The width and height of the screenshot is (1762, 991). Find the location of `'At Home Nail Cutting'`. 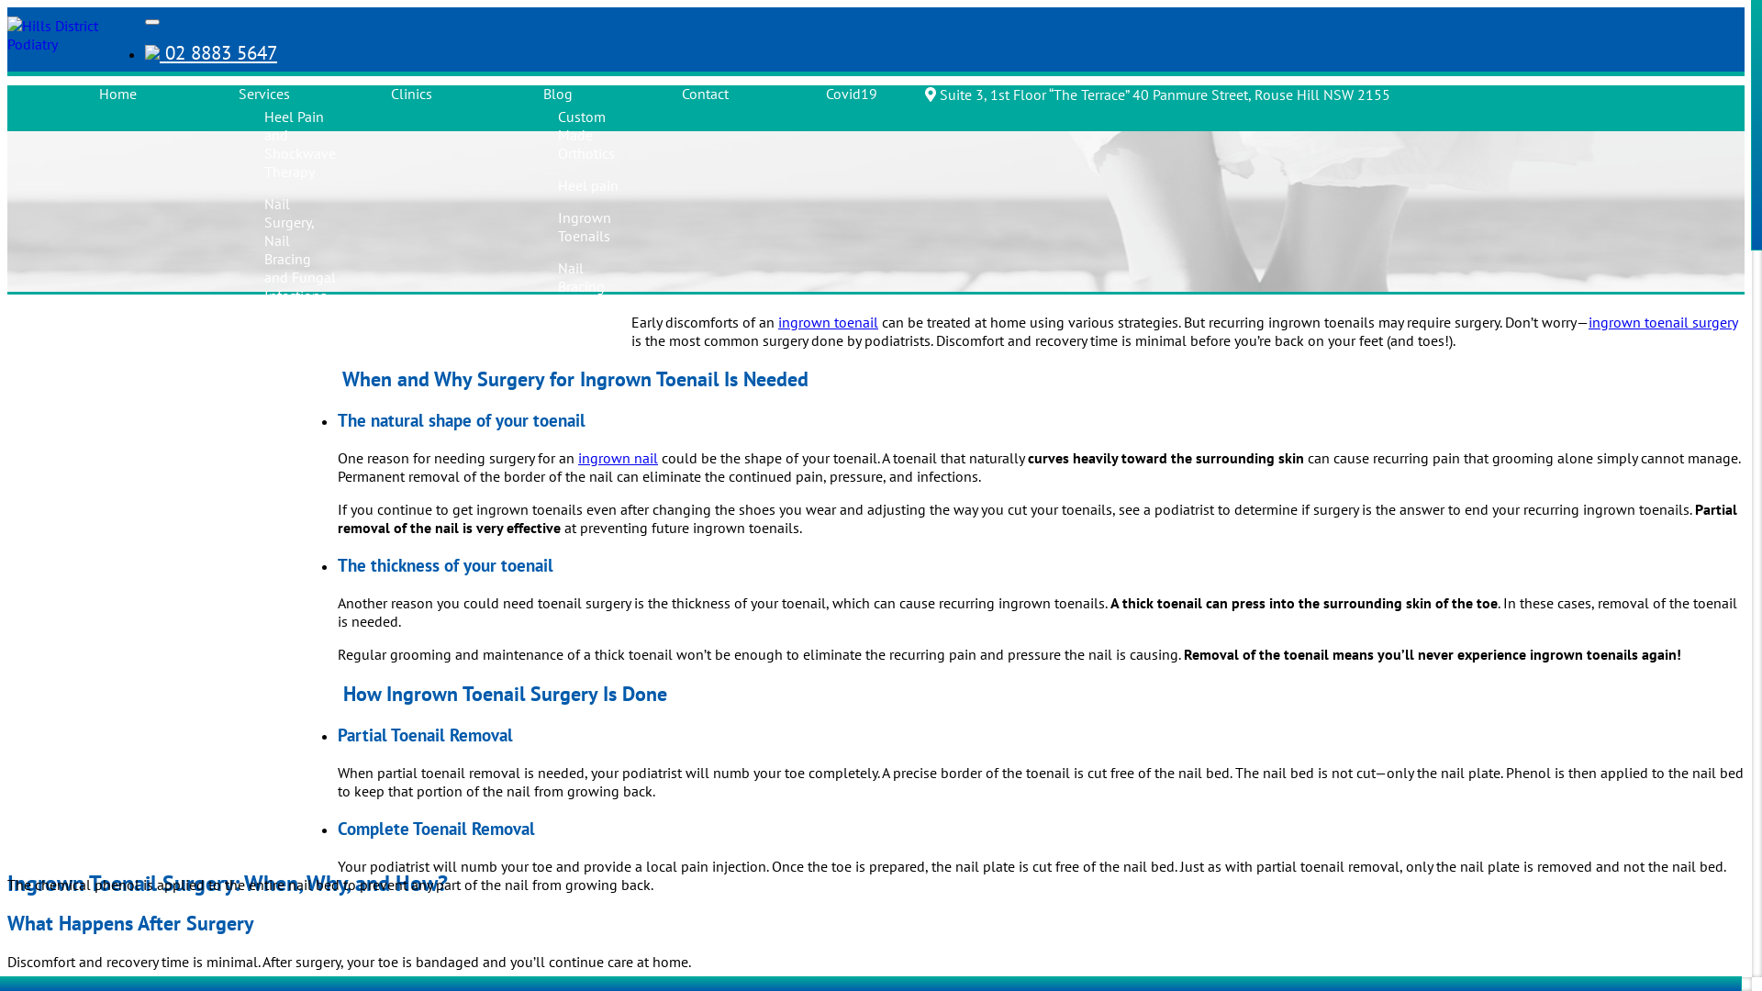

'At Home Nail Cutting' is located at coordinates (290, 745).